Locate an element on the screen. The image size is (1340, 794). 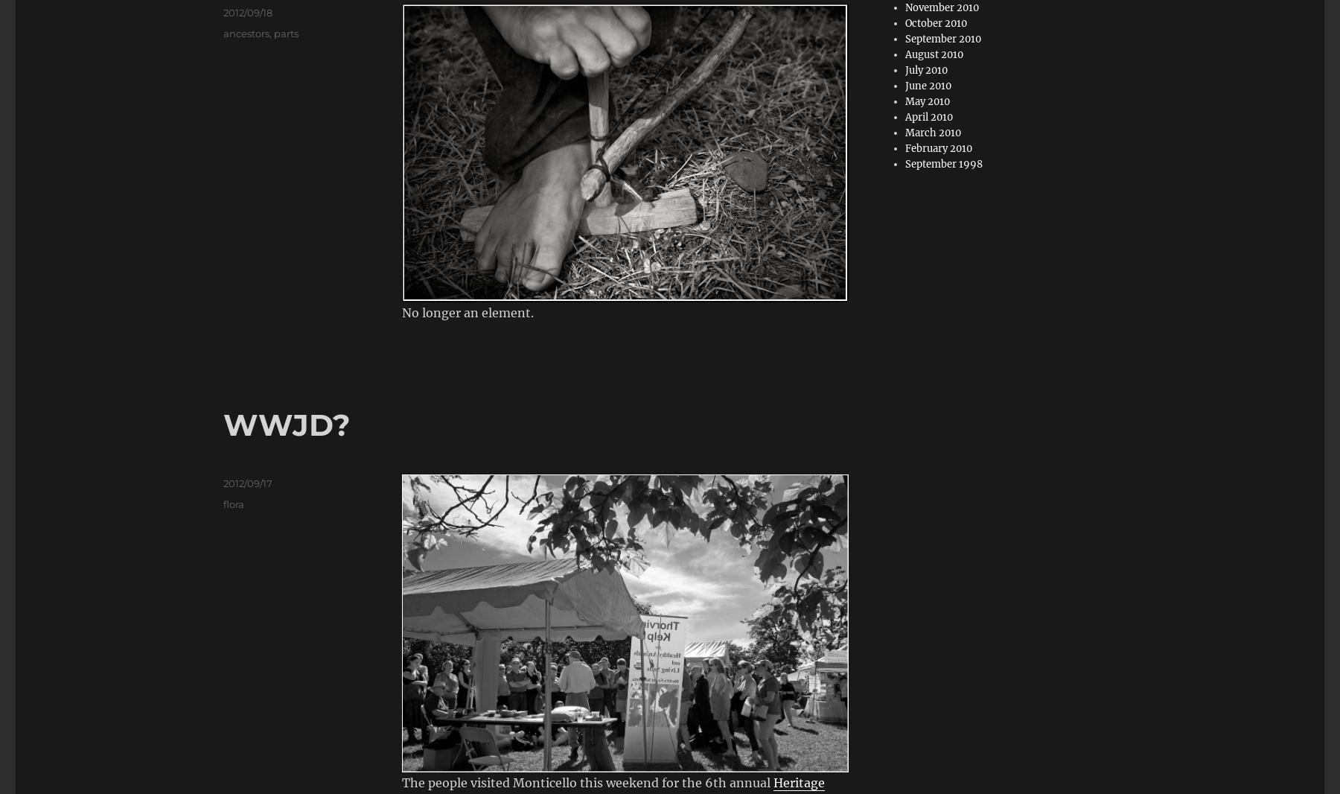
'April 2010' is located at coordinates (928, 116).